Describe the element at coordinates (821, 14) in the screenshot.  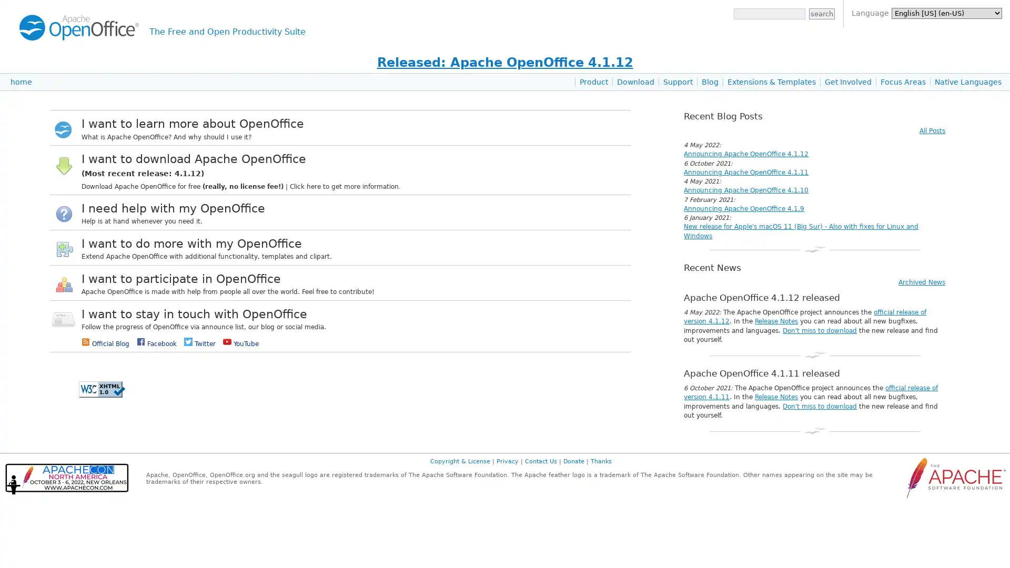
I see `search` at that location.